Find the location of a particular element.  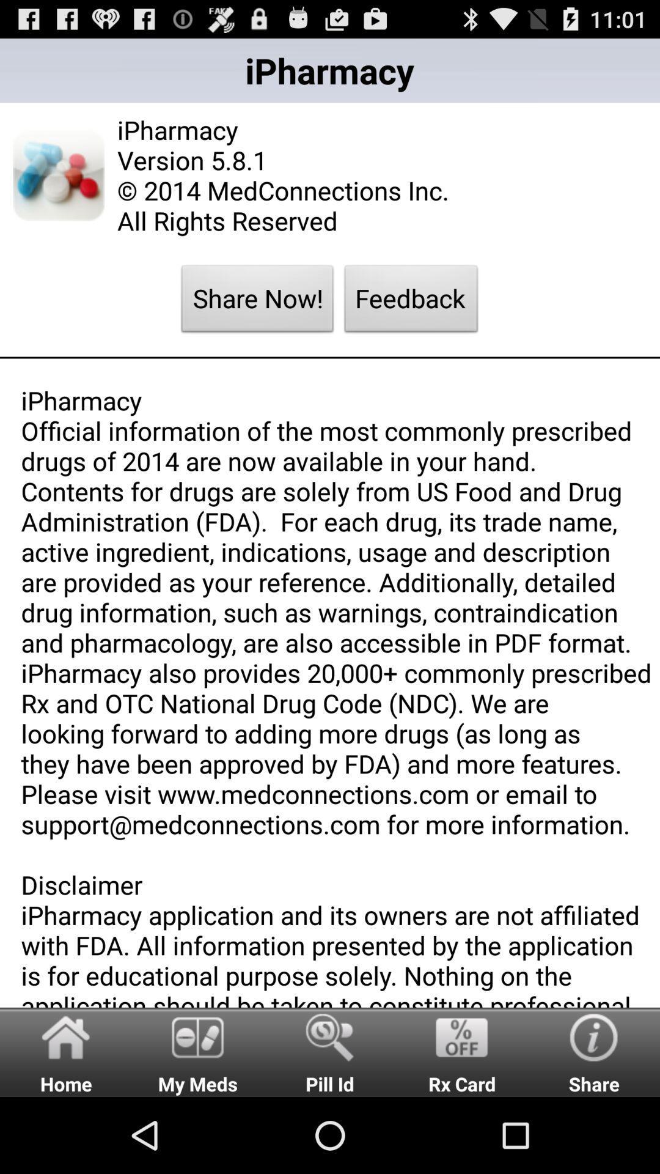

the radio button to the left of the pill id item is located at coordinates (197, 1051).